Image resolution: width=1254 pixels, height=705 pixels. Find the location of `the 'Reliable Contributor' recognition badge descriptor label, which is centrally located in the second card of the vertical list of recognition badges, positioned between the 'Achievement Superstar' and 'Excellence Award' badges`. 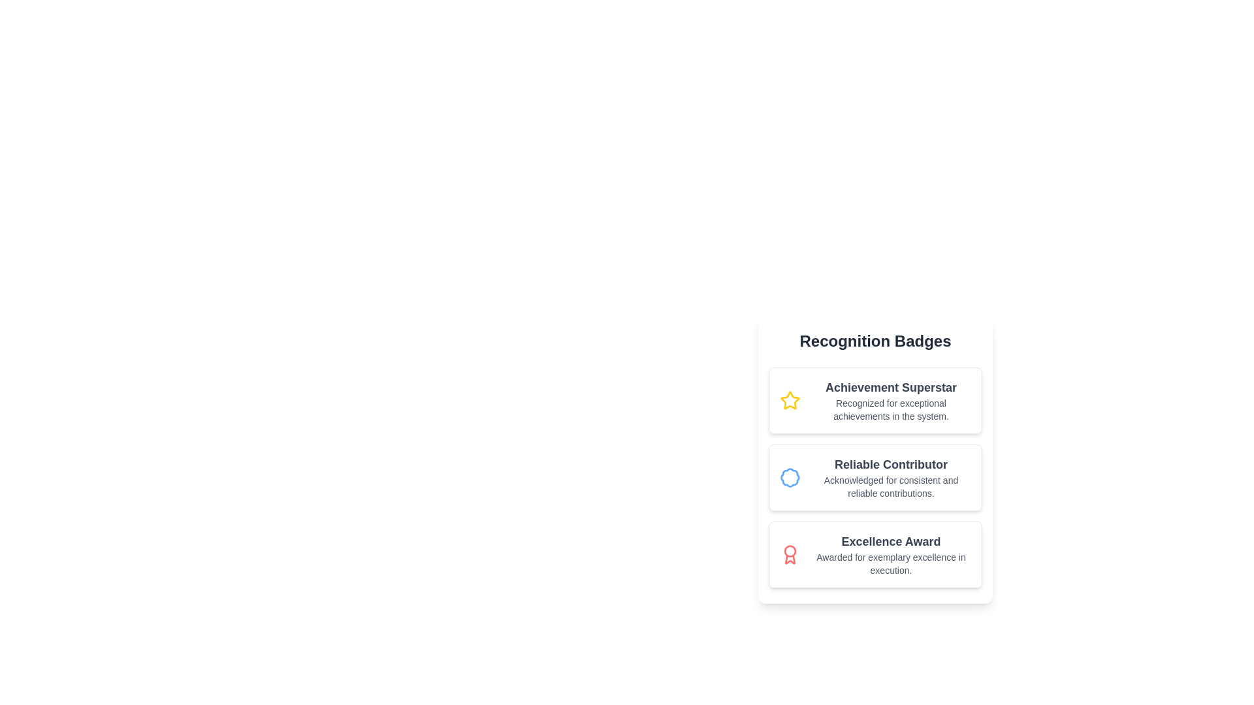

the 'Reliable Contributor' recognition badge descriptor label, which is centrally located in the second card of the vertical list of recognition badges, positioned between the 'Achievement Superstar' and 'Excellence Award' badges is located at coordinates (890, 478).